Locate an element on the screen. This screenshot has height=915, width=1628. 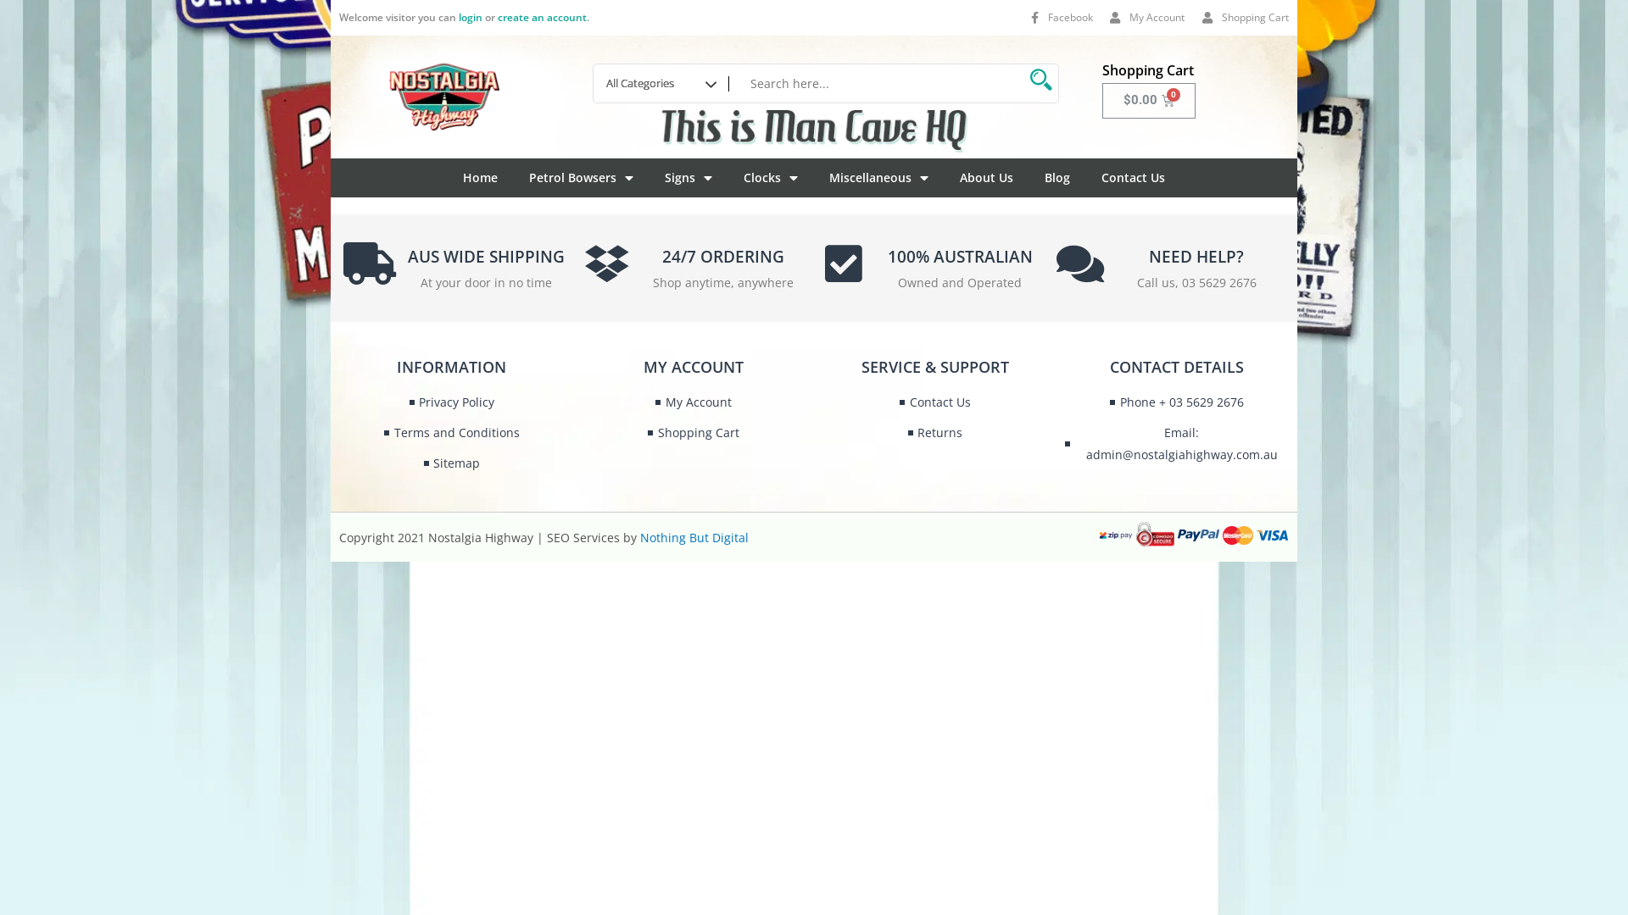
'Clocks' is located at coordinates (744, 177).